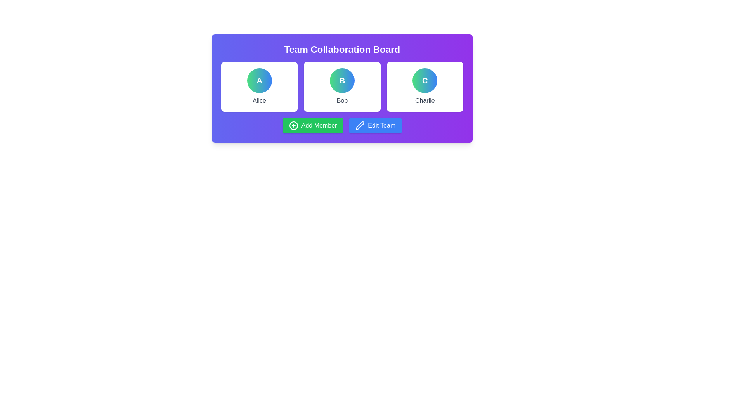  What do you see at coordinates (424, 87) in the screenshot?
I see `the static informational card displaying a team member's summary, located at the rightmost side of the grid in the 'Team Collaboration Board'` at bounding box center [424, 87].